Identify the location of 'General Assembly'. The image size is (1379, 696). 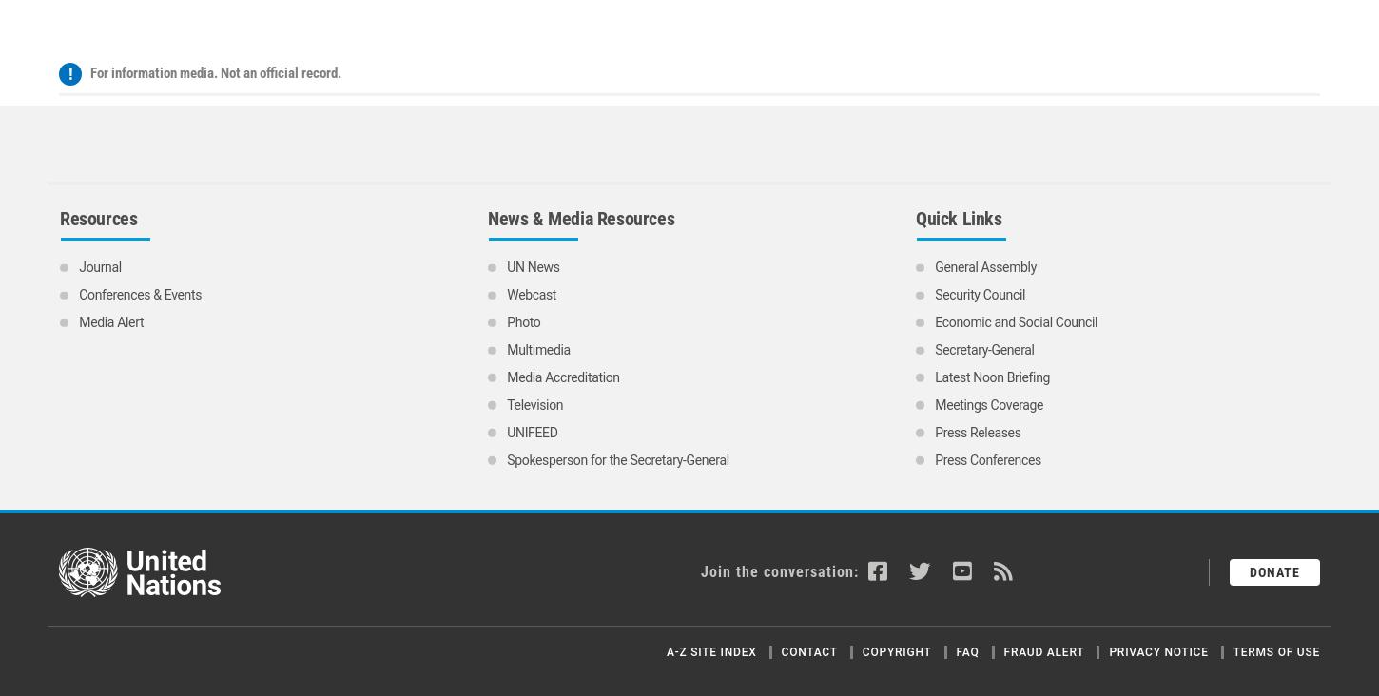
(934, 87).